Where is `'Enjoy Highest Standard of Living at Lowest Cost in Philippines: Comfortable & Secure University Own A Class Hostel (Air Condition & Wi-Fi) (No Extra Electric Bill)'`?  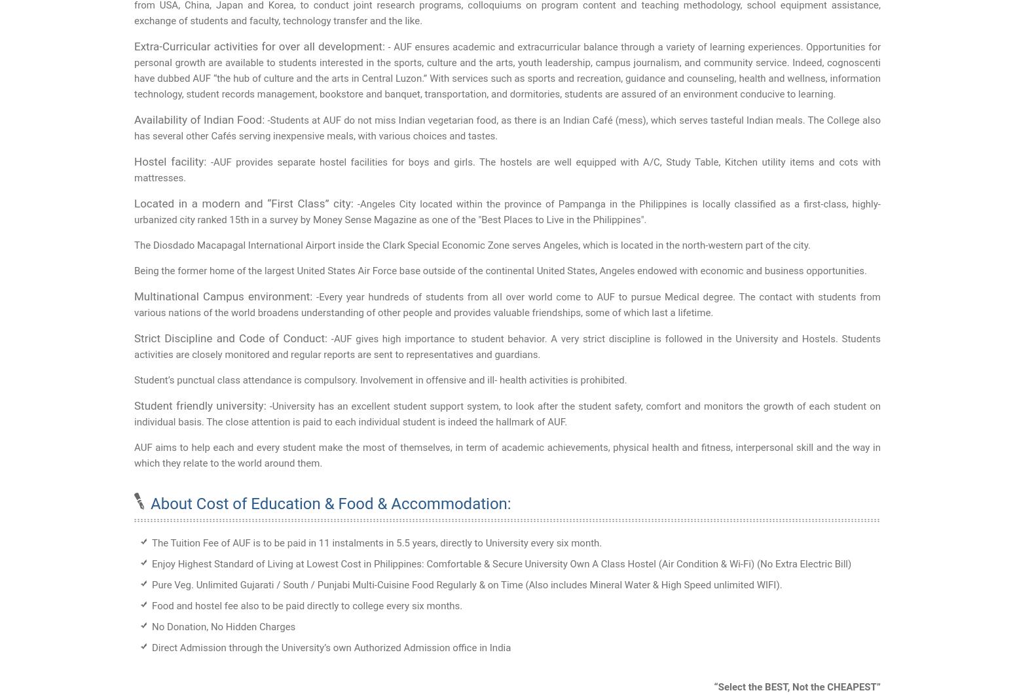 'Enjoy Highest Standard of Living at Lowest Cost in Philippines: Comfortable & Secure University Own A Class Hostel (Air Condition & Wi-Fi) (No Extra Electric Bill)' is located at coordinates (502, 563).